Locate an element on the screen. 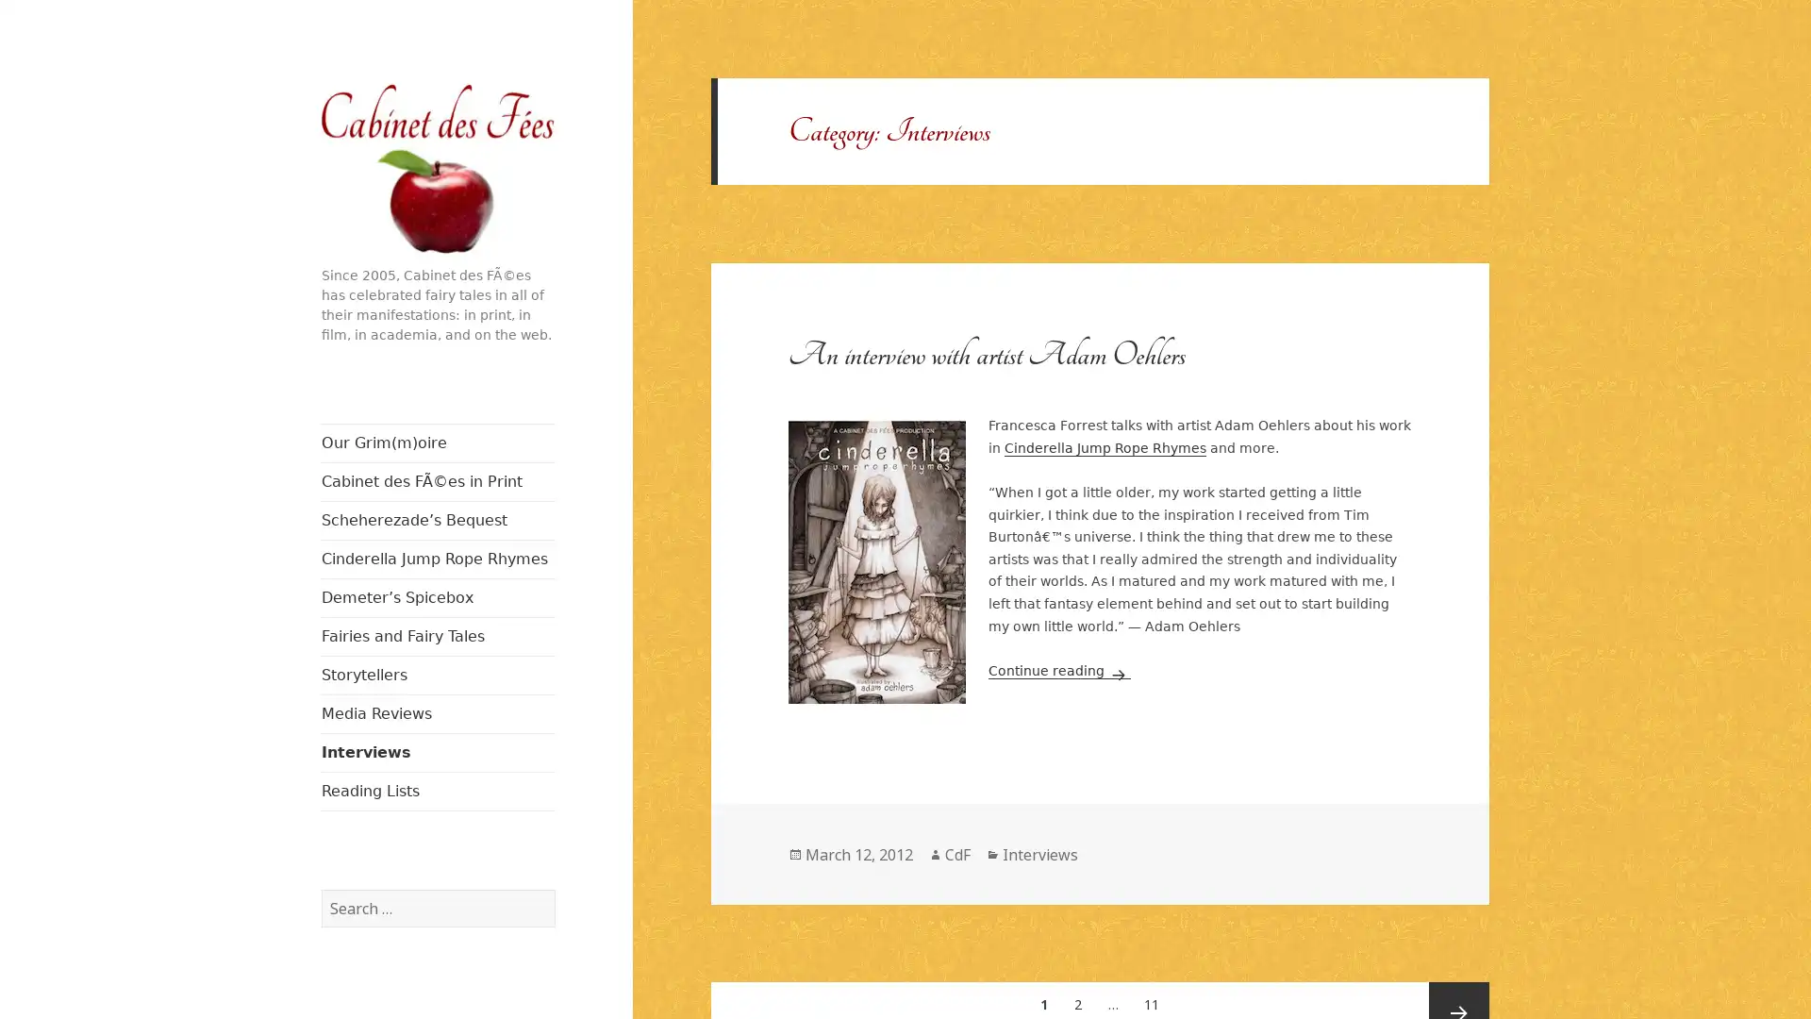 Image resolution: width=1811 pixels, height=1019 pixels. Search is located at coordinates (553, 888).